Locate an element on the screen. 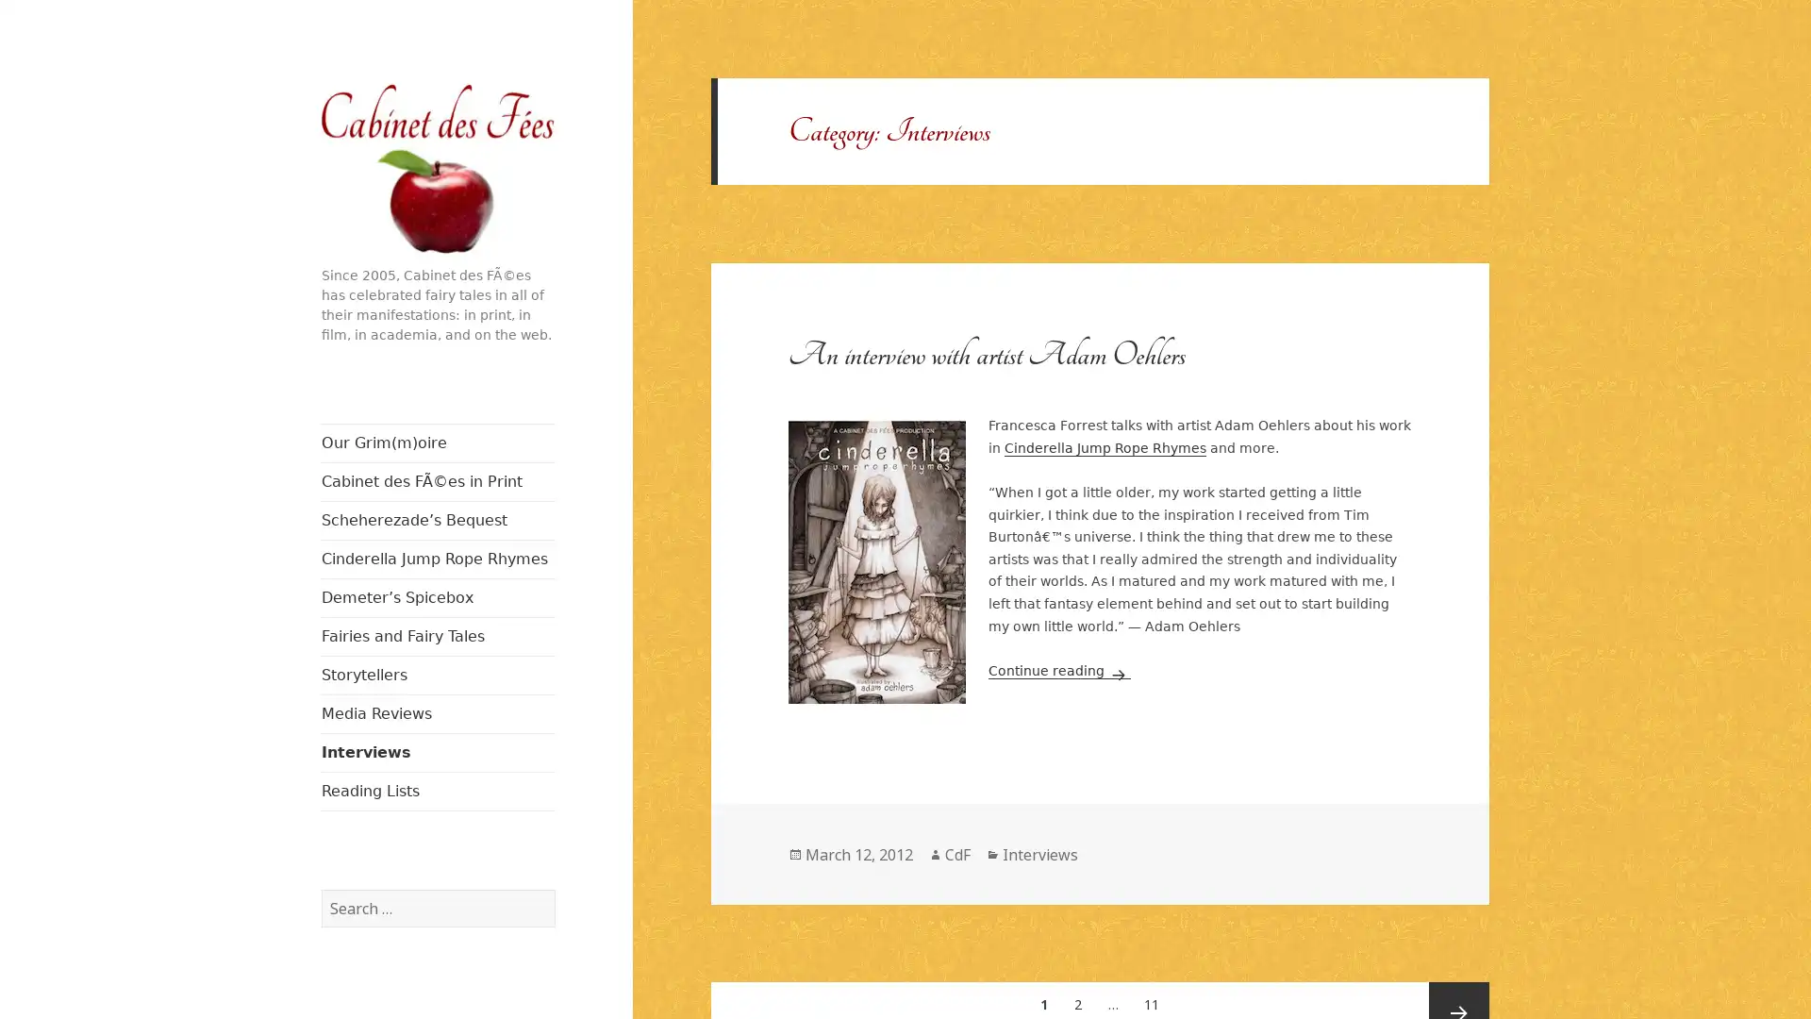 Image resolution: width=1811 pixels, height=1019 pixels. Search is located at coordinates (553, 888).